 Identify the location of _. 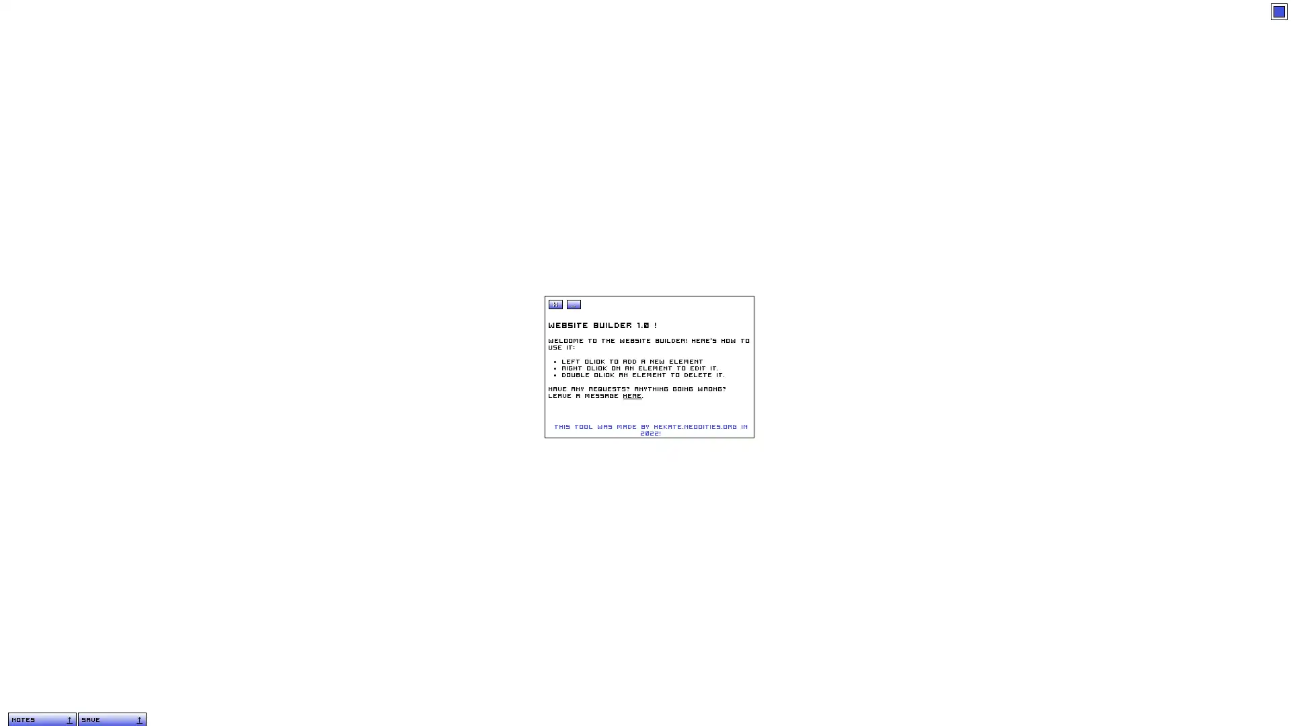
(574, 304).